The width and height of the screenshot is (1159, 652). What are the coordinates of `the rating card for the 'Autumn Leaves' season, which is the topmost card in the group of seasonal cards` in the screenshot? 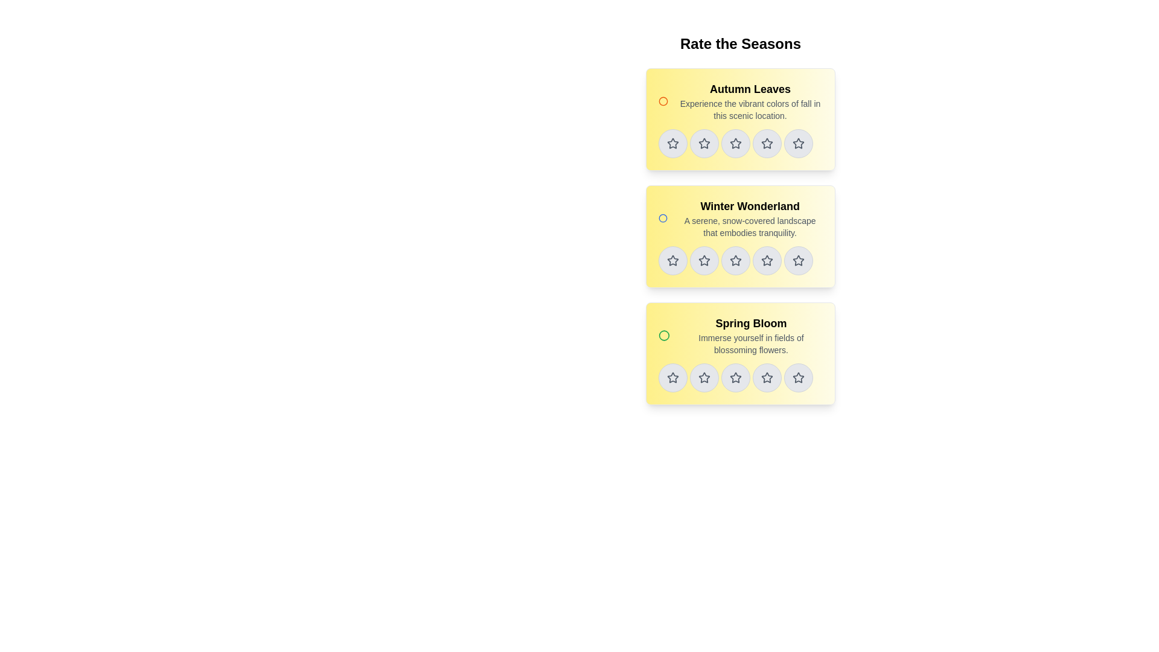 It's located at (740, 119).